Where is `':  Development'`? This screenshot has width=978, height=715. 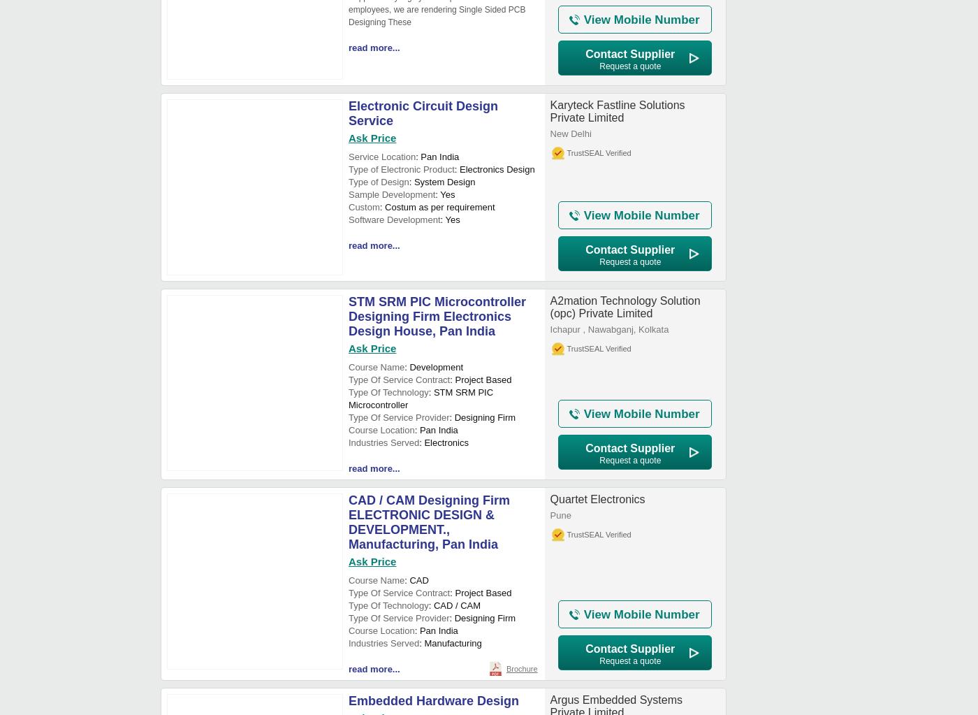
':  Development' is located at coordinates (434, 366).